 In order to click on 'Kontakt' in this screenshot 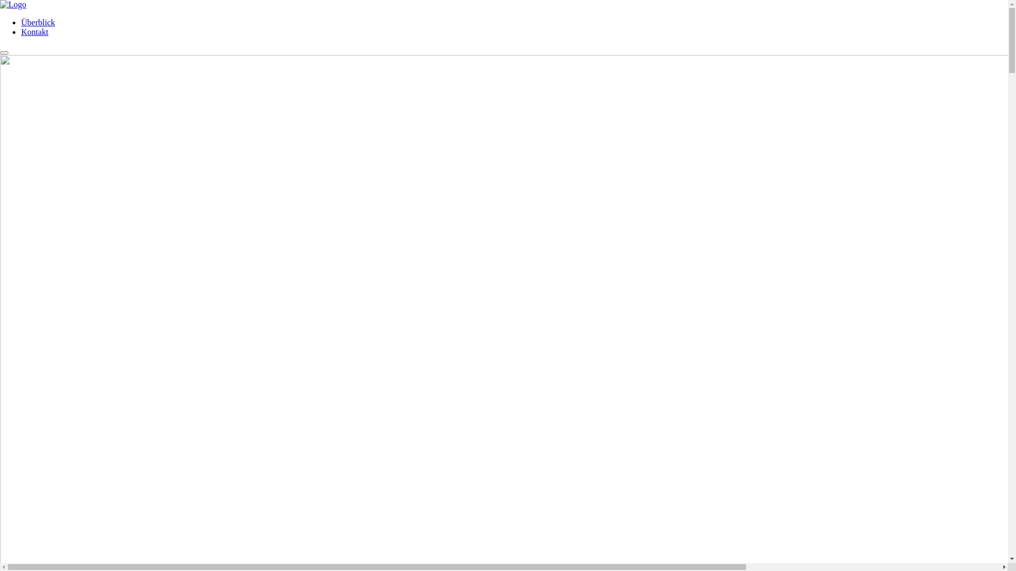, I will do `click(21, 31)`.